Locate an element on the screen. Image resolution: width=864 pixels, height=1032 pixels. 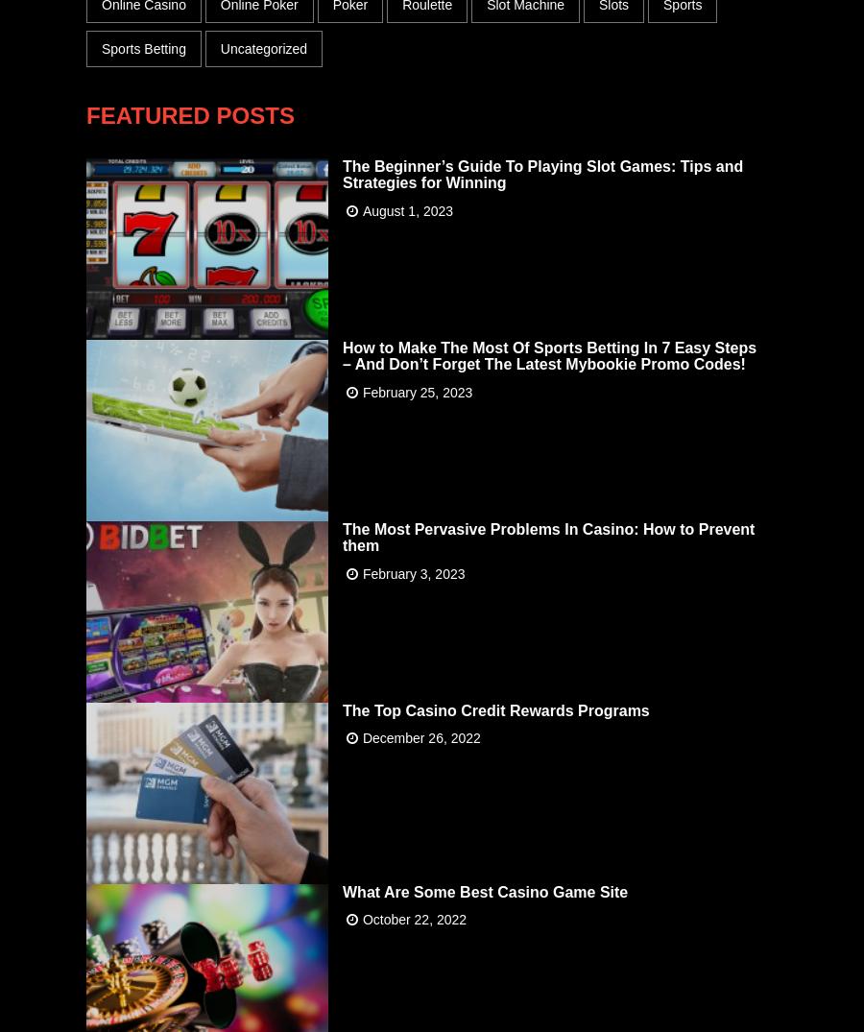
'The Most Pervasive Problems In Casino: How to Prevent them' is located at coordinates (548, 536).